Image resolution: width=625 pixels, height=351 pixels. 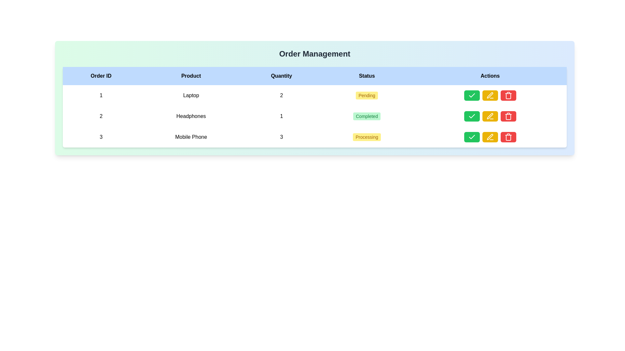 I want to click on the centered text label that reads 'Headphones', which is the second item under the 'Product' column in the table, so click(x=191, y=116).